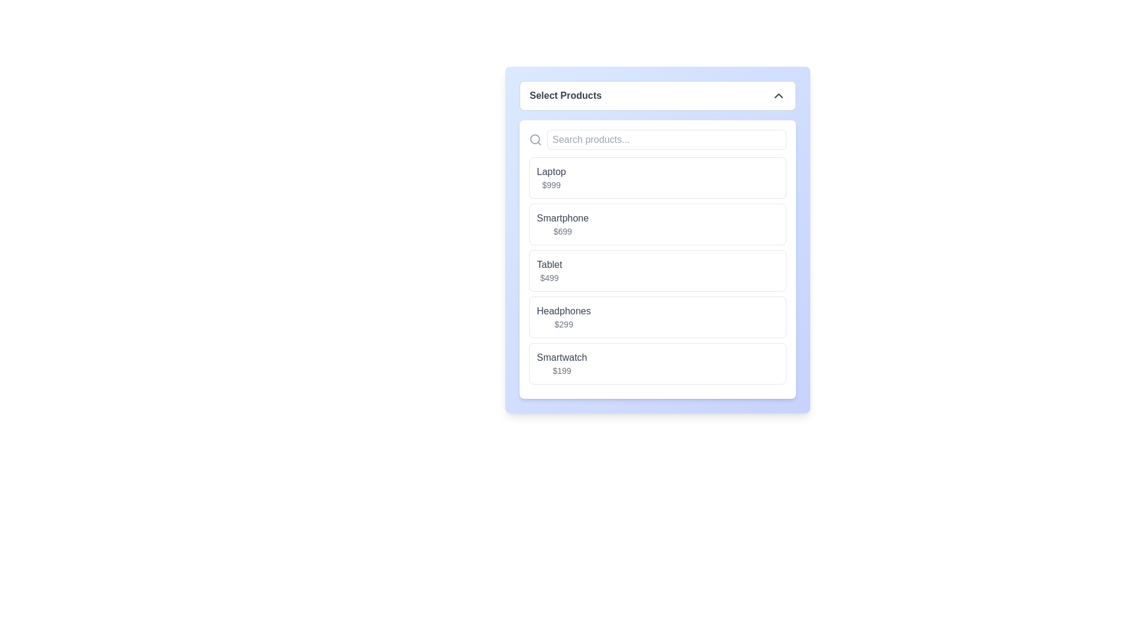 The width and height of the screenshot is (1144, 643). Describe the element at coordinates (657, 271) in the screenshot. I see `the 'Tablet' card in the selection menu` at that location.